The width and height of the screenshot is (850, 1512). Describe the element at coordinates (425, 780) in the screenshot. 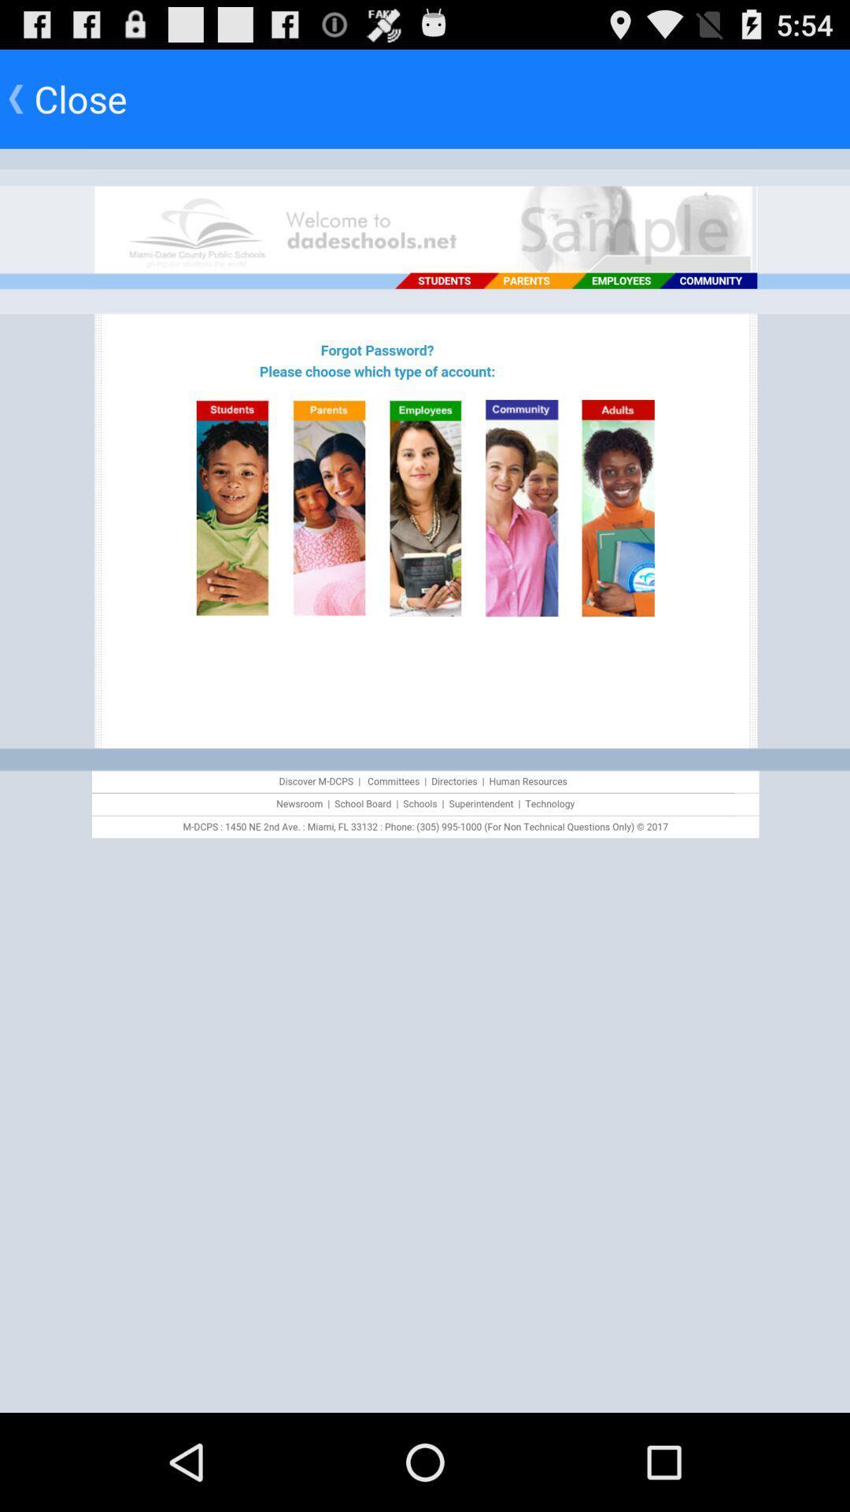

I see `advertisement page` at that location.